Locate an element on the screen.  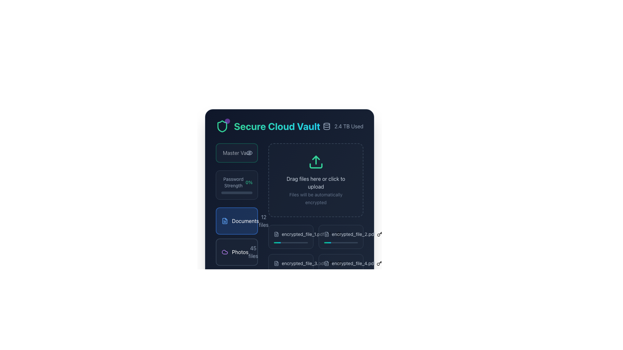
the 'photos' category icon, which is visually represented to the left of the text 'photos' and aligns with the numerical indicator '45 files' is located at coordinates (225, 252).